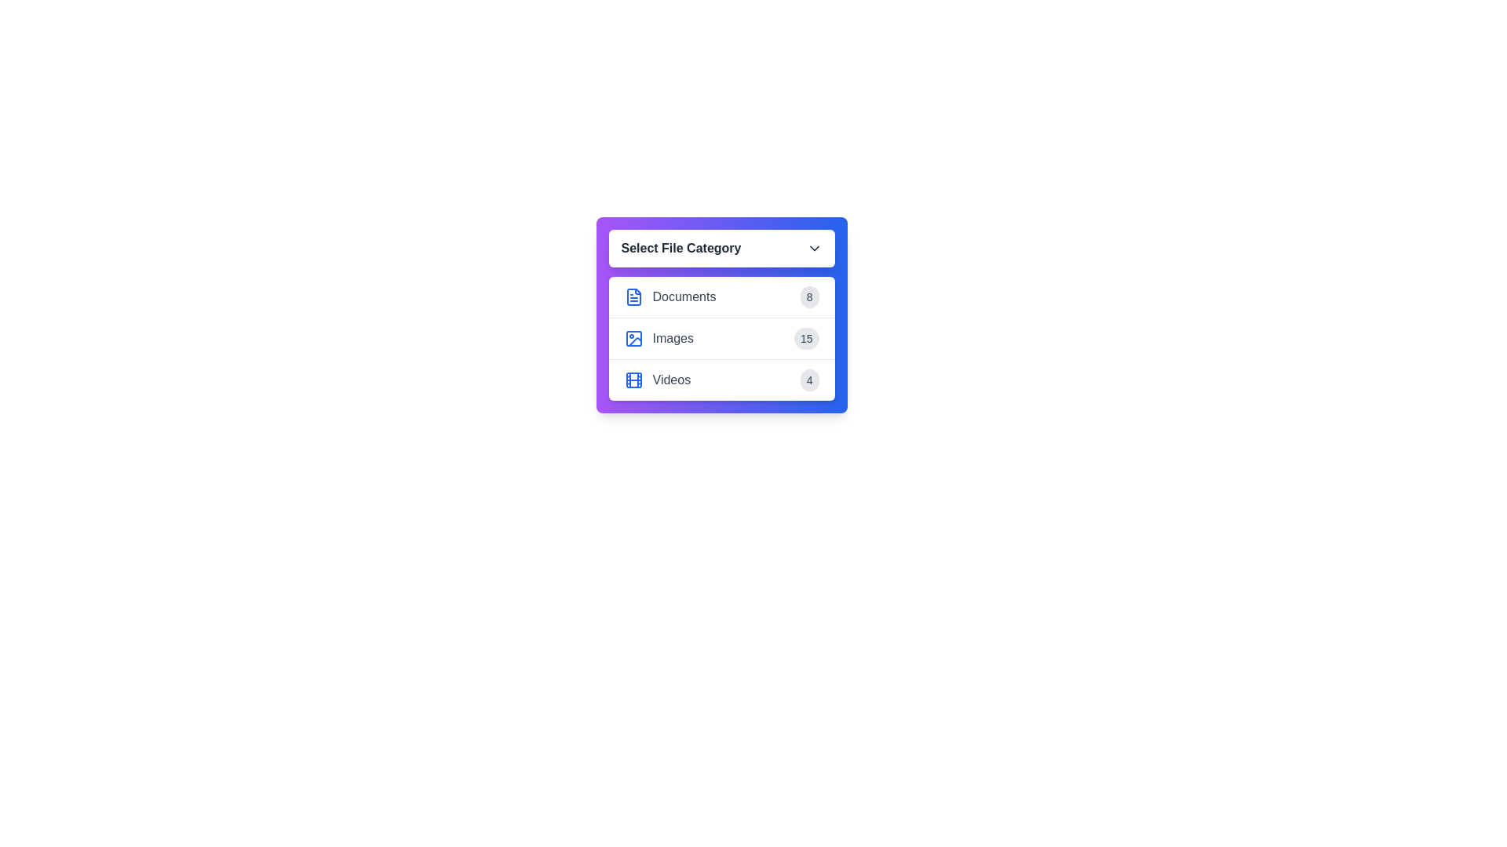 The height and width of the screenshot is (847, 1507). I want to click on the blue rectangle with rounded corners that is part of the film icon under the 'Videos' option in the list, so click(633, 380).